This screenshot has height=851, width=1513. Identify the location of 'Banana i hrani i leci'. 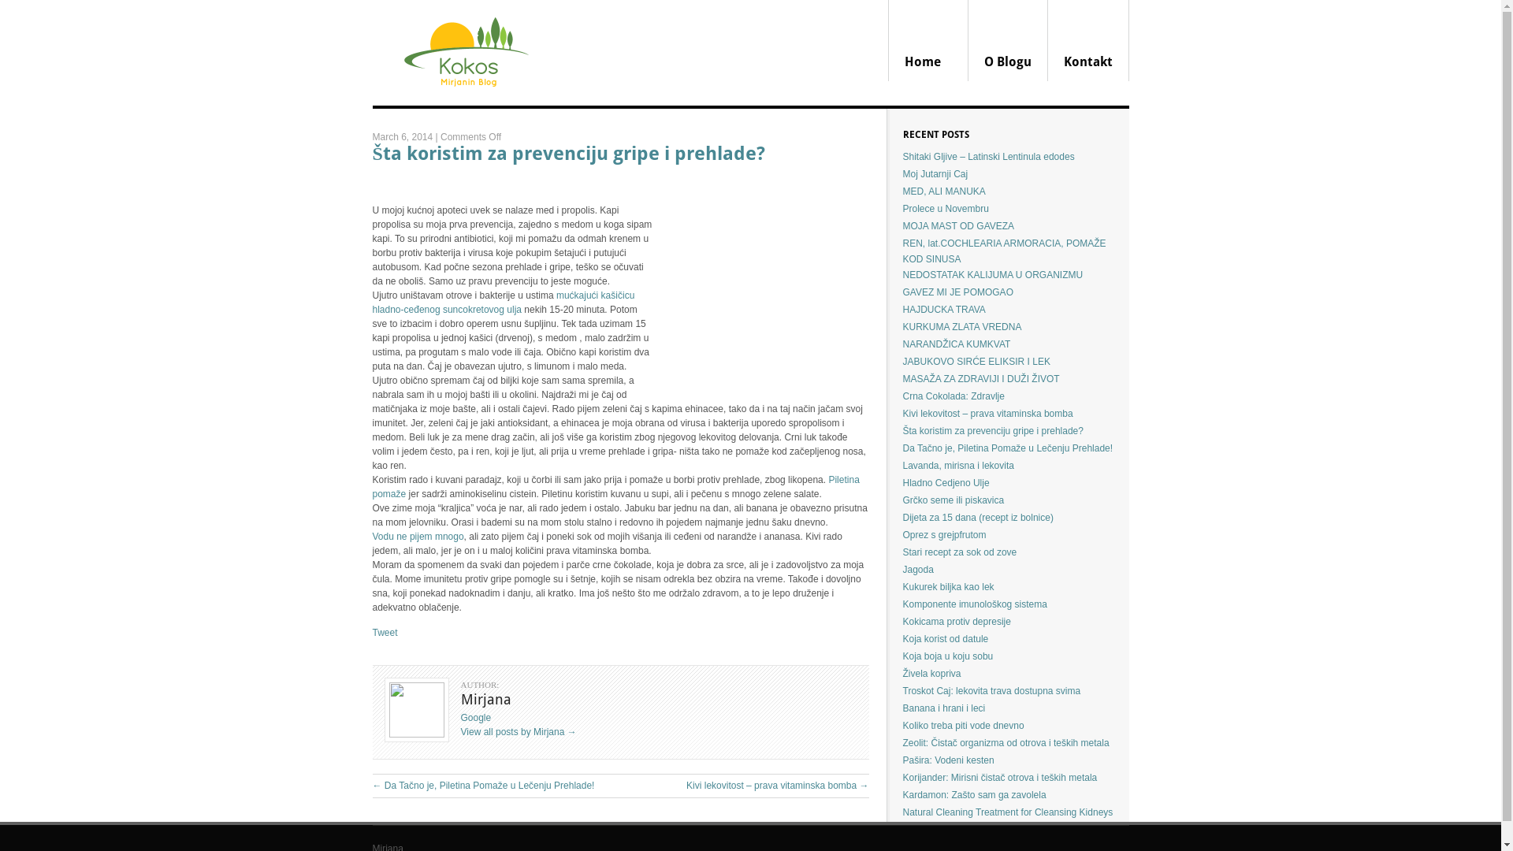
(944, 707).